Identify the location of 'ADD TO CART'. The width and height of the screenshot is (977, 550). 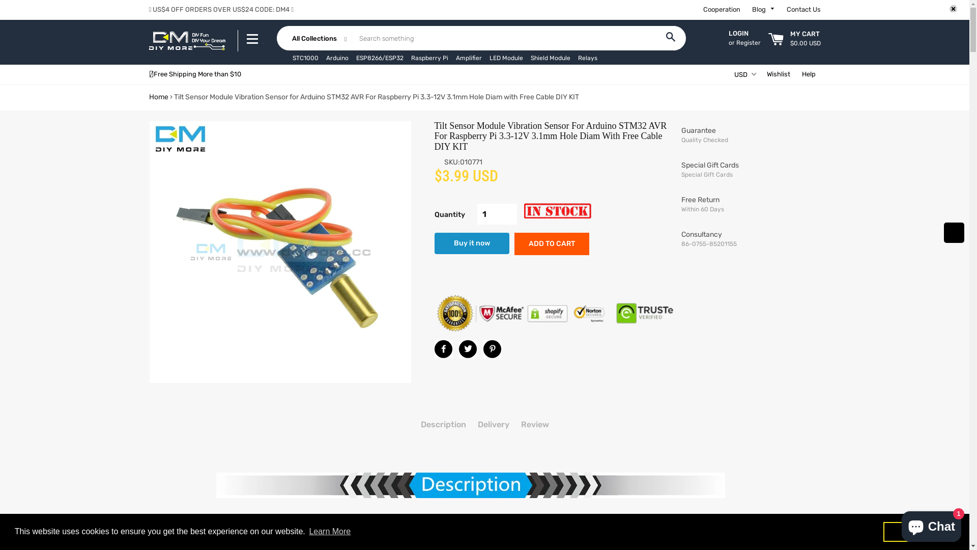
(551, 243).